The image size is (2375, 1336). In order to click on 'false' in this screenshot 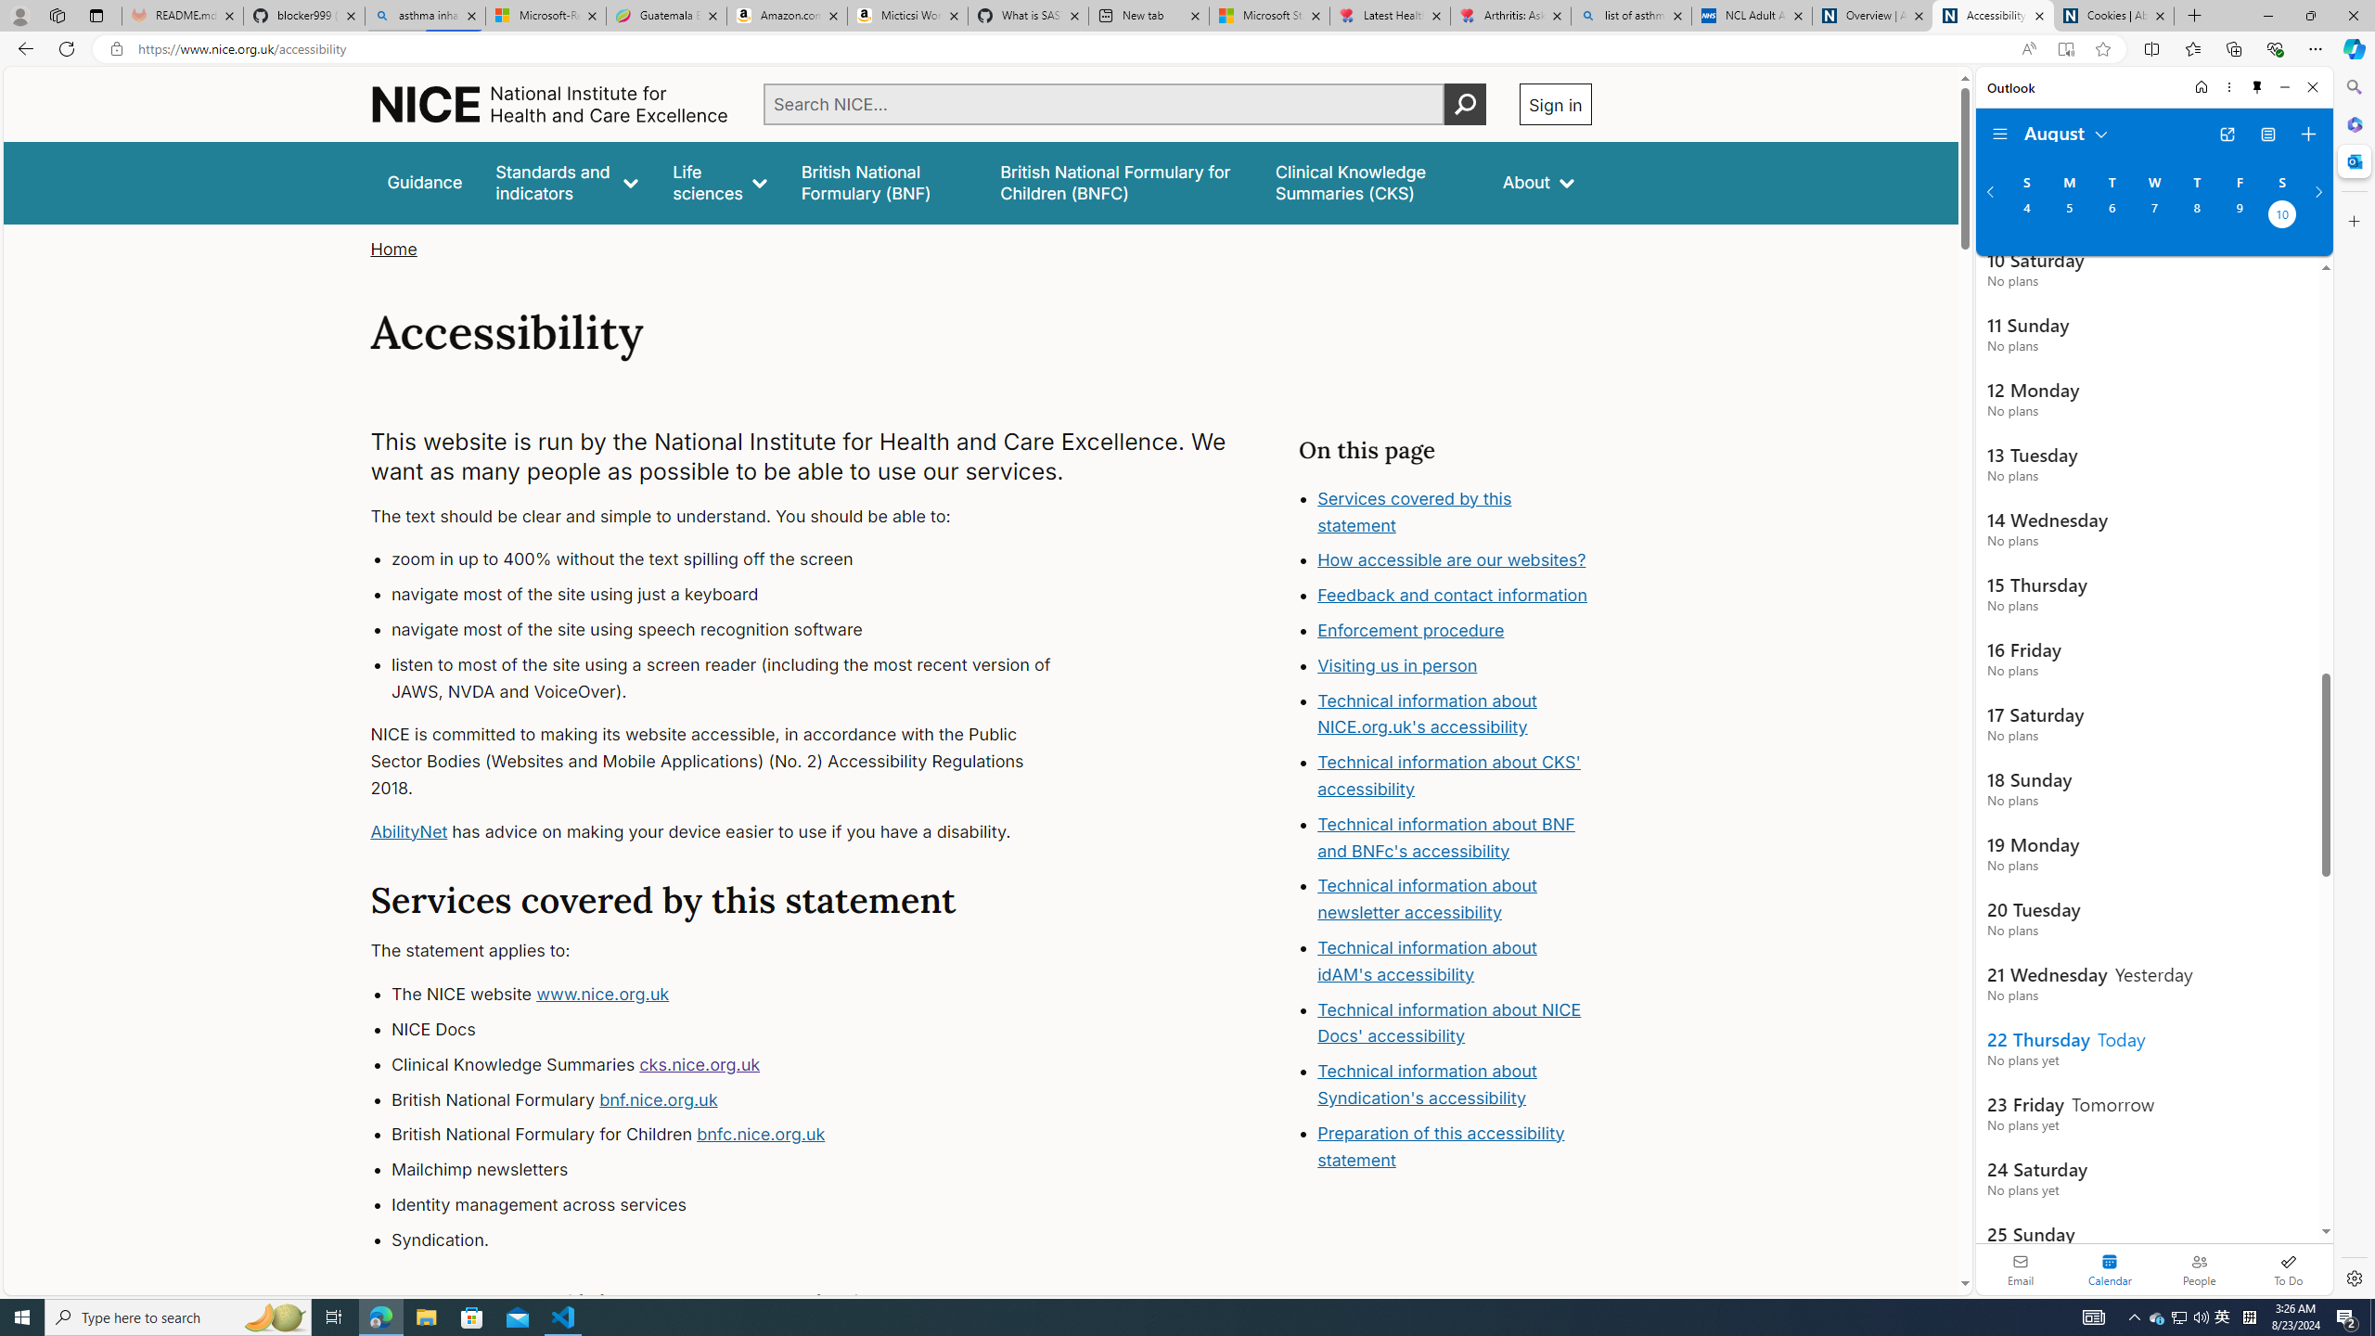, I will do `click(1372, 182)`.